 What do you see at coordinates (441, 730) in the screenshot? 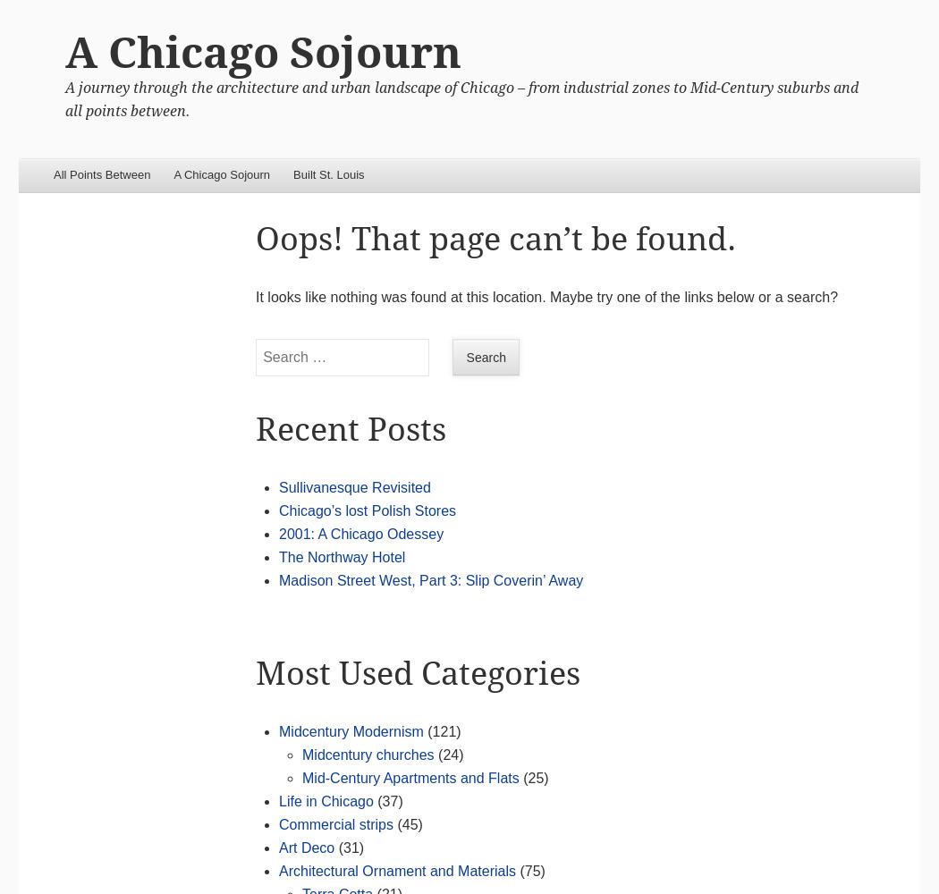
I see `'(121)'` at bounding box center [441, 730].